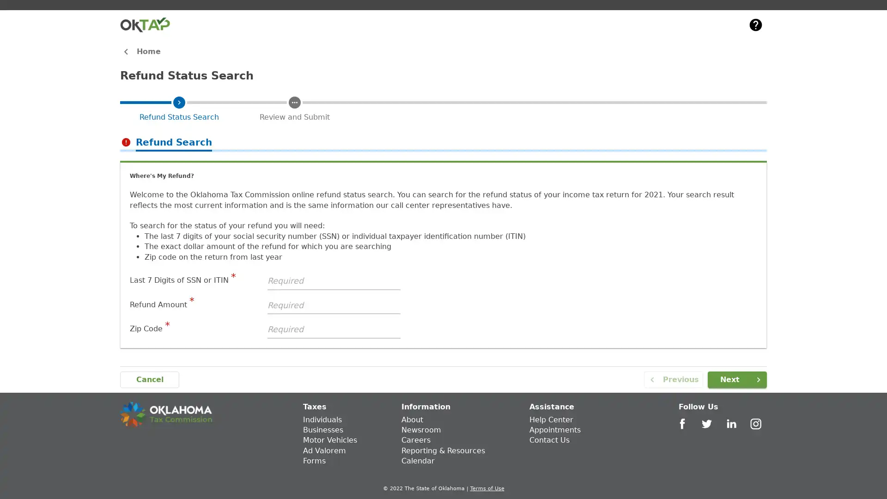 This screenshot has height=499, width=887. I want to click on Previous, so click(674, 379).